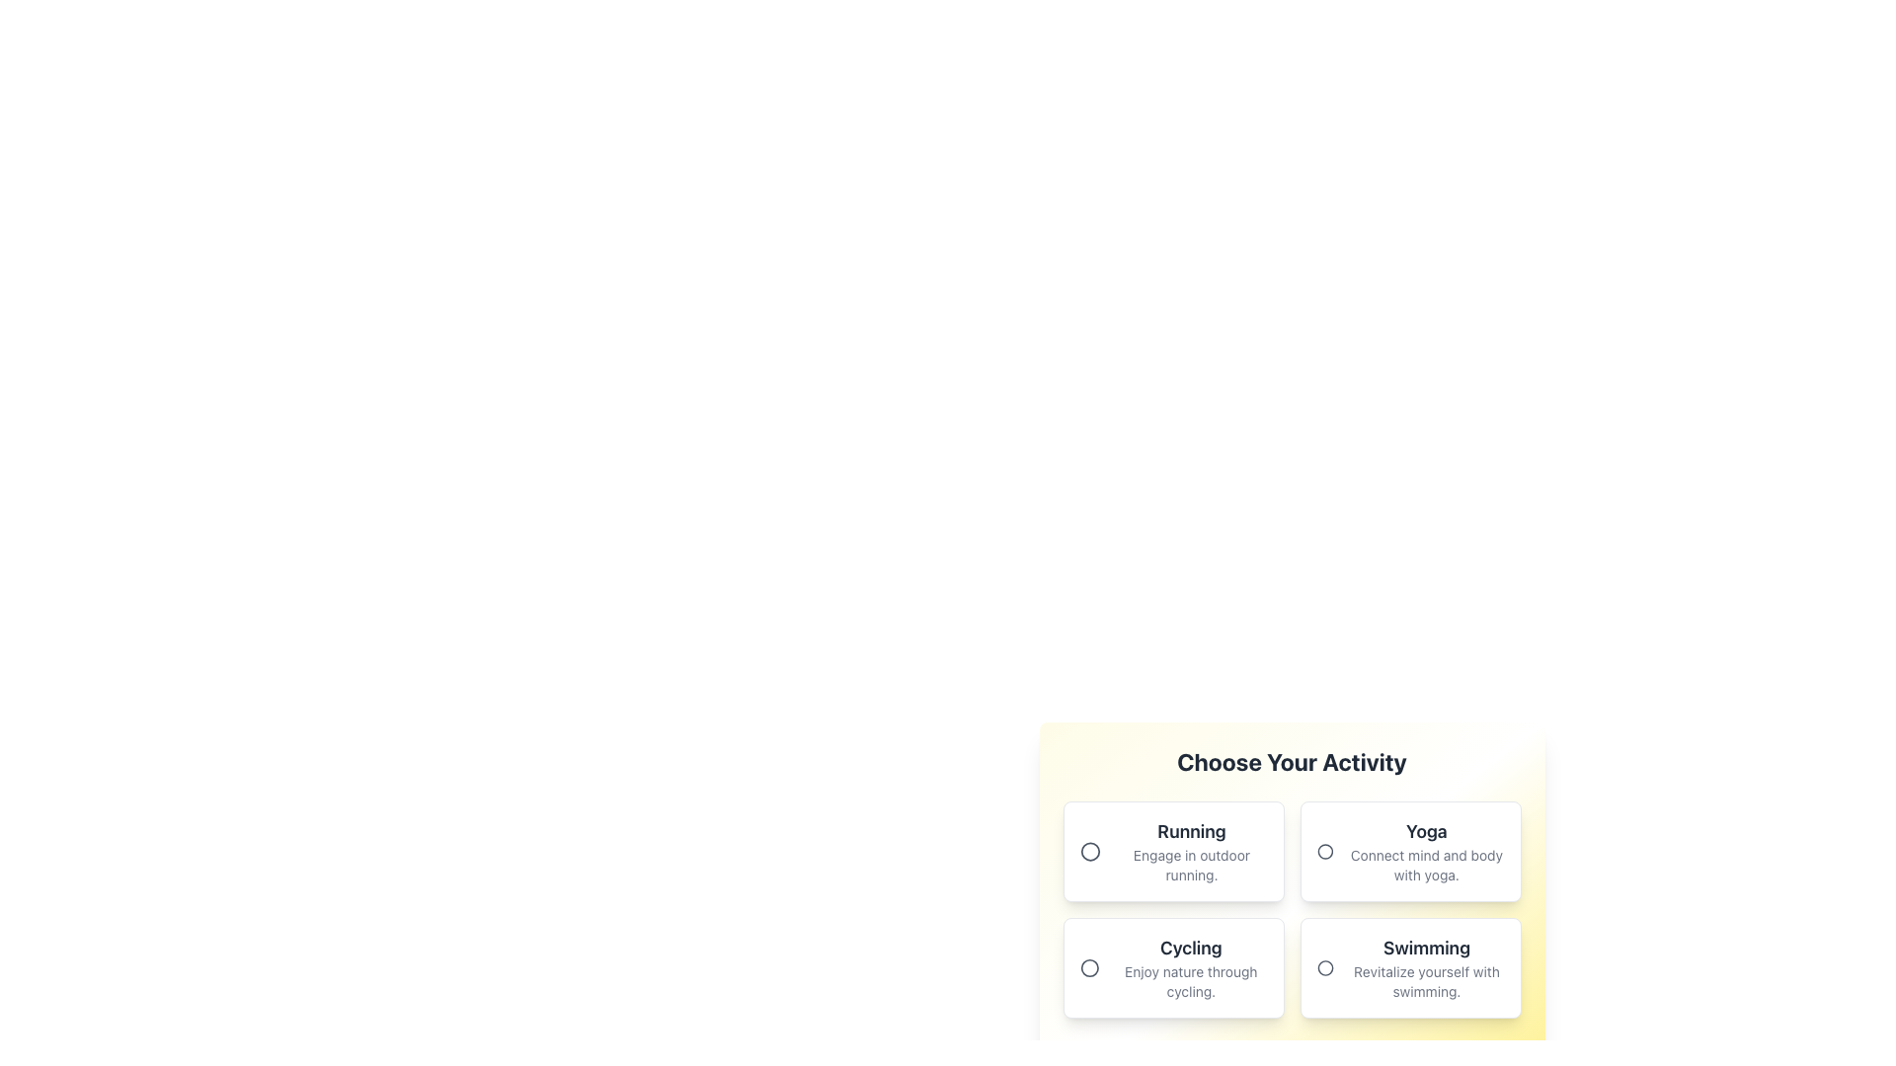 This screenshot has width=1896, height=1066. Describe the element at coordinates (1089, 851) in the screenshot. I see `the radio button styled as an icon within the 'Running' card in the top-left corner of the activity selection grid` at that location.